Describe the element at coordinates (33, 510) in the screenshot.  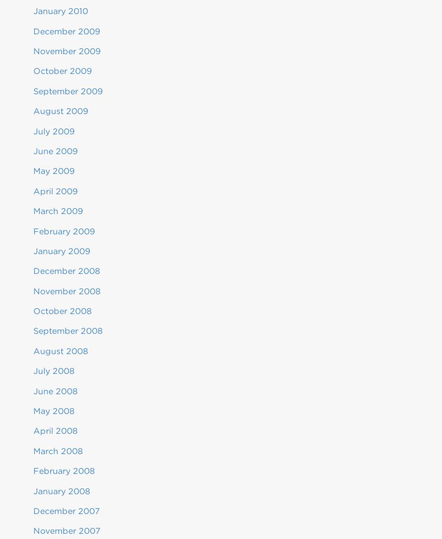
I see `'December 2007'` at that location.